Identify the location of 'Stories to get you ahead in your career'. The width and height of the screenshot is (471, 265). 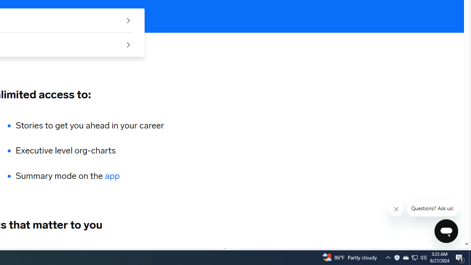
(89, 125).